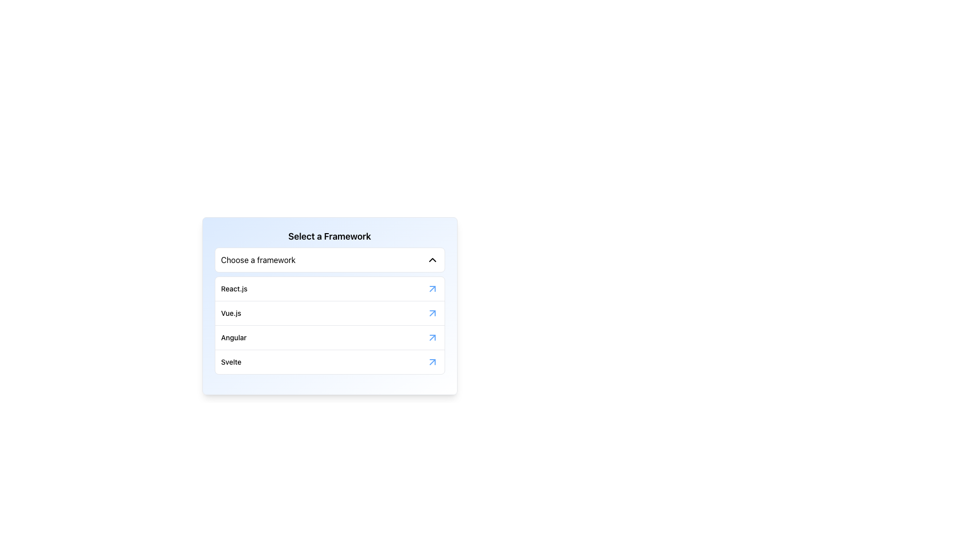 This screenshot has height=538, width=957. Describe the element at coordinates (432, 362) in the screenshot. I see `the navigational icon located to the far right of the 'Svelte' row under the 'Select a Framework' title` at that location.